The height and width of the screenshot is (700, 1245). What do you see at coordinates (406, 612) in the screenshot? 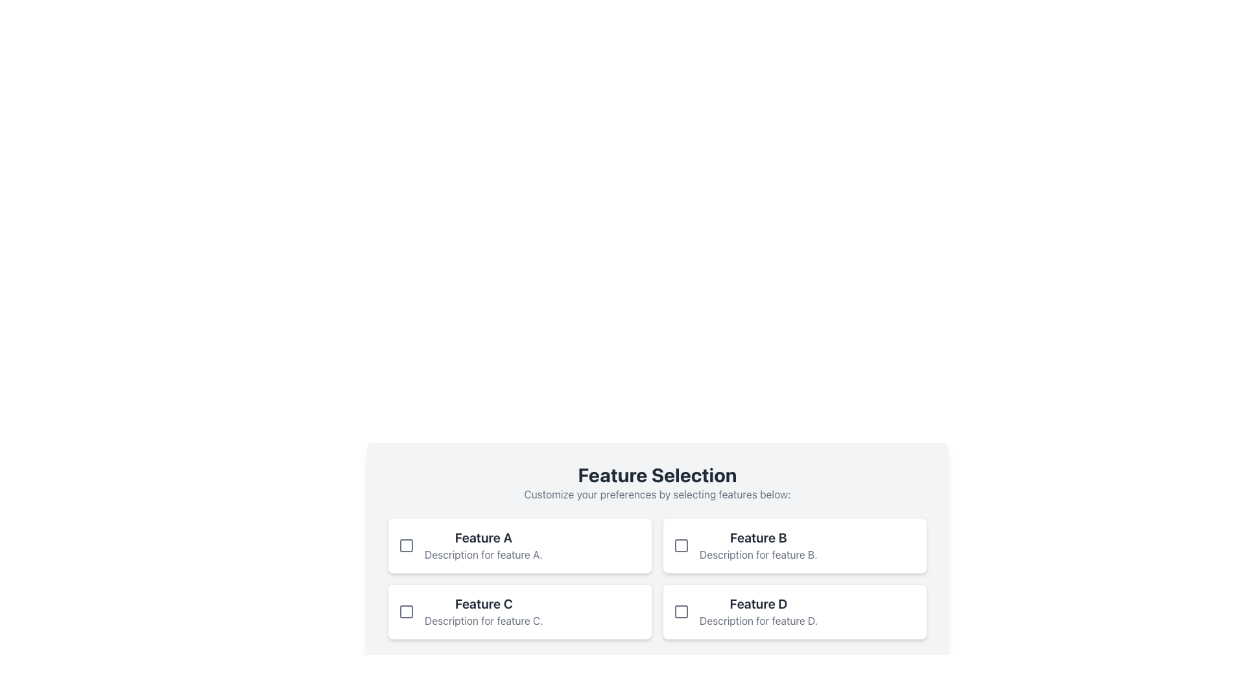
I see `the checkbox indicator for 'Feature C' to indicate focus` at bounding box center [406, 612].